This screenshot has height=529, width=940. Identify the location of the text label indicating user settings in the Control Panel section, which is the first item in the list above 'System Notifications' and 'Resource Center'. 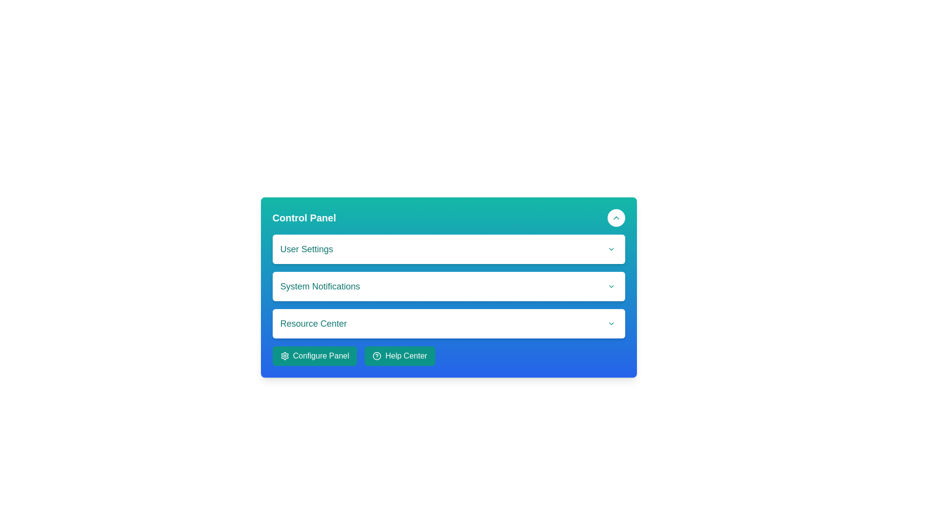
(306, 249).